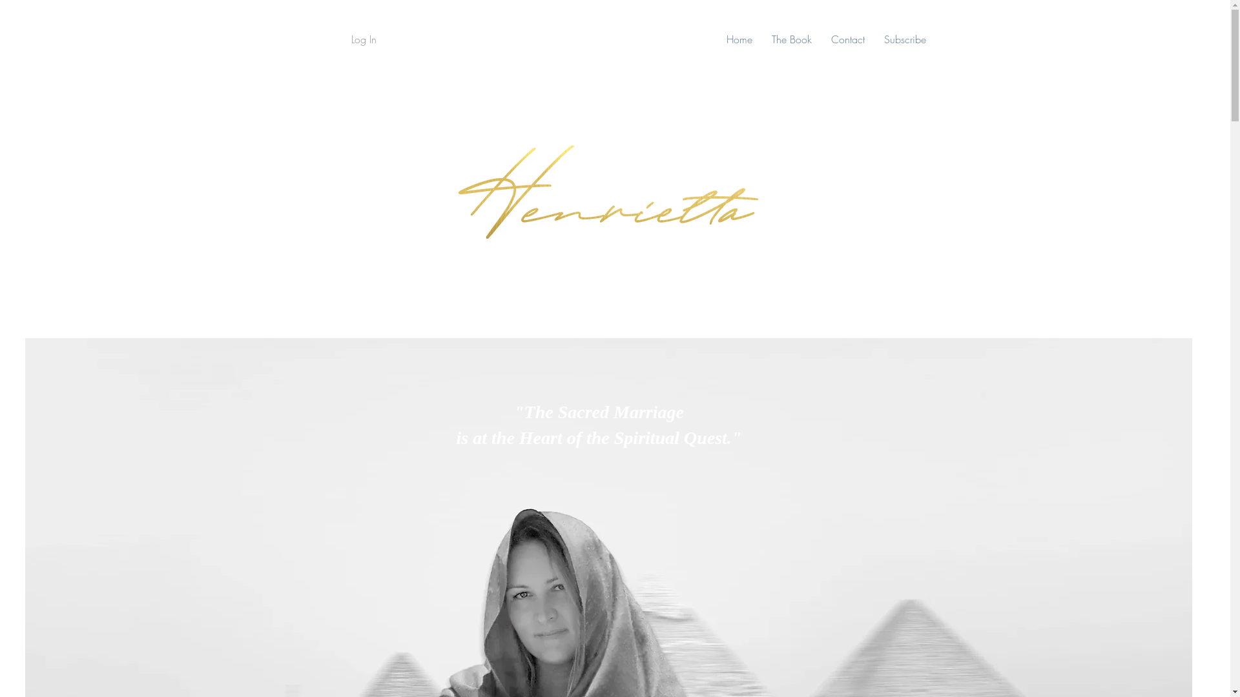  I want to click on '0', so click(1160, 39).